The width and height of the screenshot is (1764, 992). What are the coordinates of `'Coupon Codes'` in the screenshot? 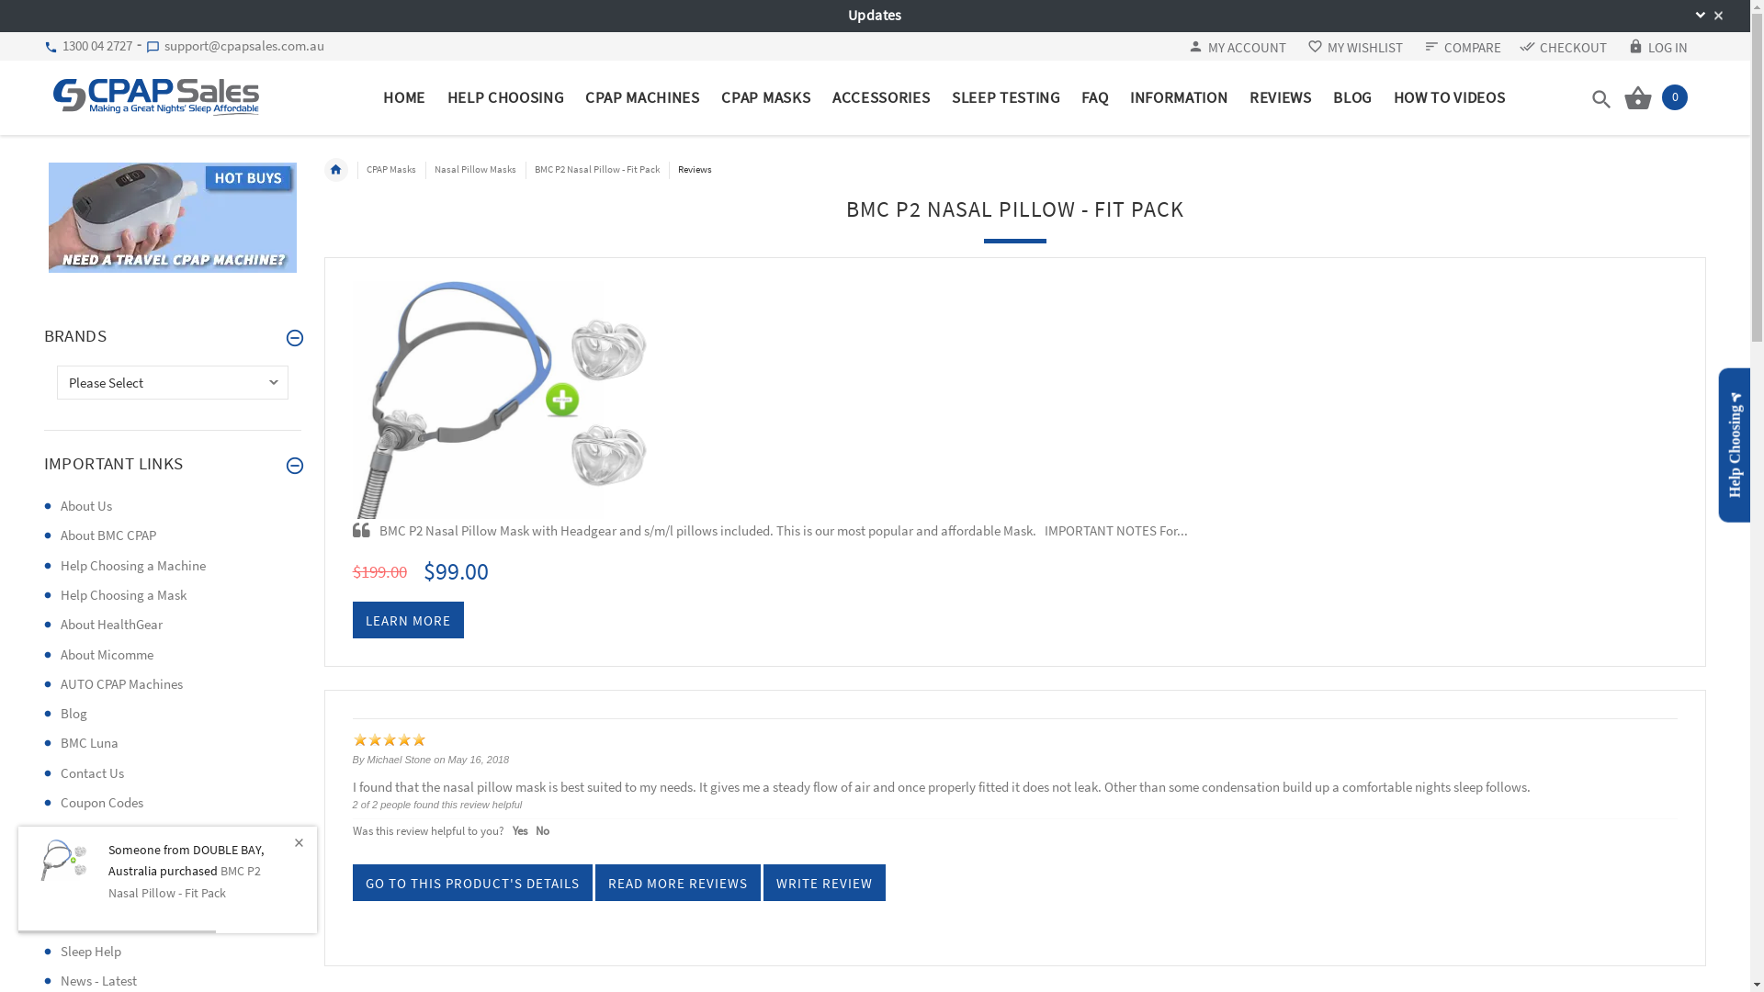 It's located at (61, 801).